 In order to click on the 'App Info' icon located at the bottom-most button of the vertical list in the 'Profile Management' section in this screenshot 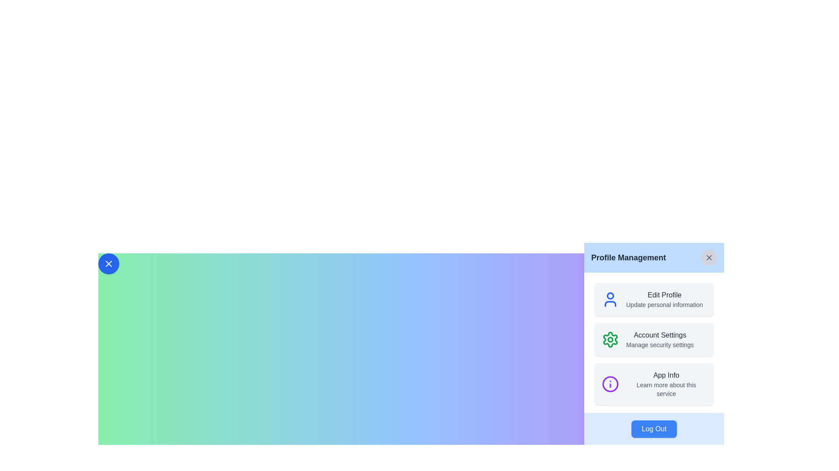, I will do `click(610, 383)`.